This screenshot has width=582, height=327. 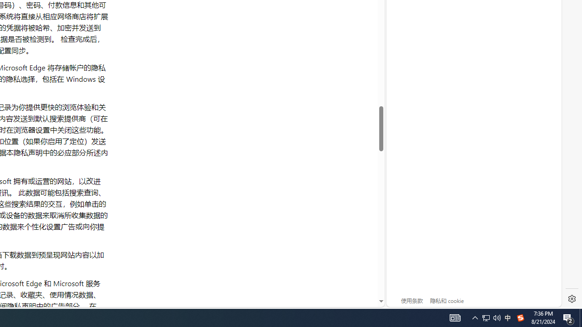 What do you see at coordinates (572, 299) in the screenshot?
I see `'Settings'` at bounding box center [572, 299].